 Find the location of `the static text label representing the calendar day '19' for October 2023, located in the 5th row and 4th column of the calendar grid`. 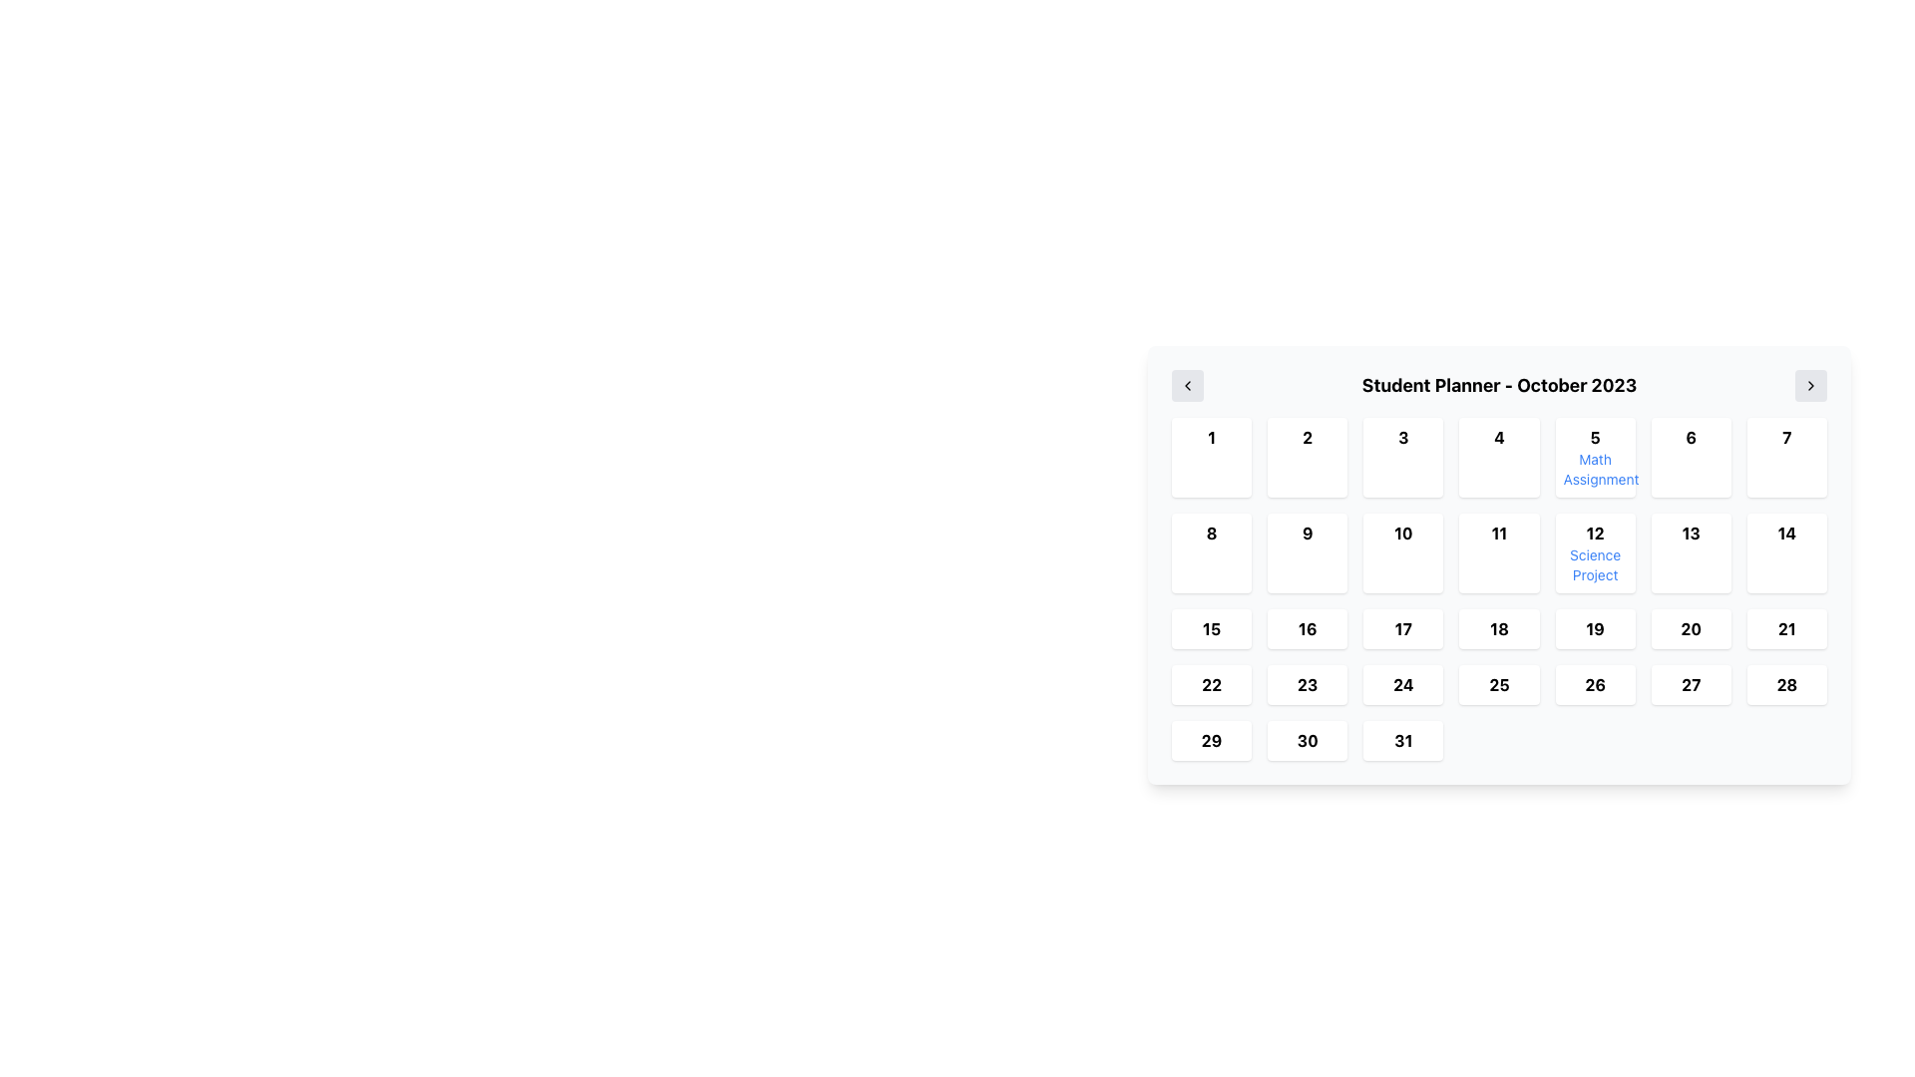

the static text label representing the calendar day '19' for October 2023, located in the 5th row and 4th column of the calendar grid is located at coordinates (1594, 629).